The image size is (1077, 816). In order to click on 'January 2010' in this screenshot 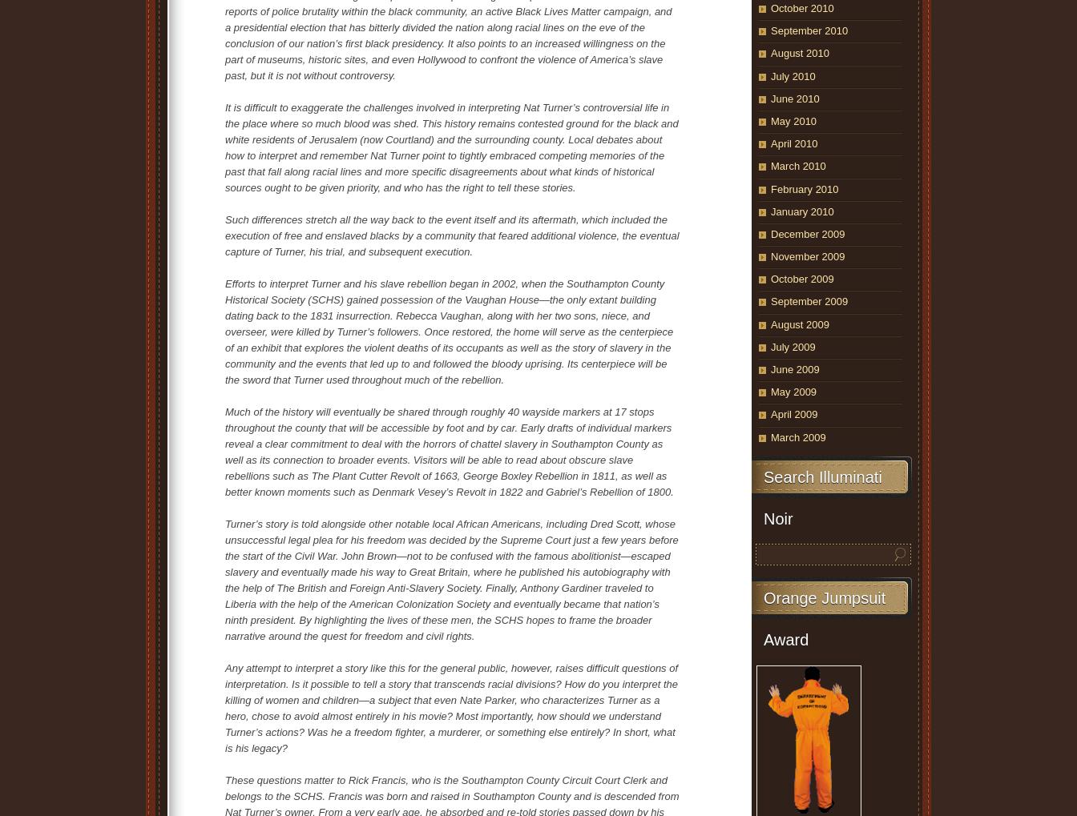, I will do `click(802, 211)`.